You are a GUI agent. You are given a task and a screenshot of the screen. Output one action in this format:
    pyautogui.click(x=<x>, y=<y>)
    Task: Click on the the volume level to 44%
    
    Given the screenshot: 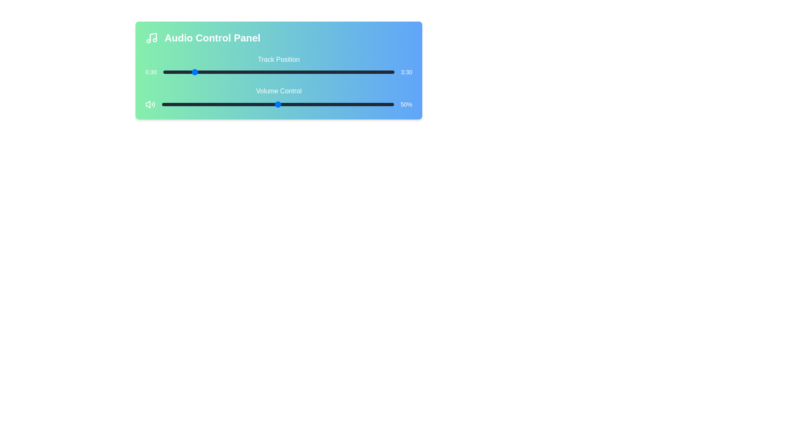 What is the action you would take?
    pyautogui.click(x=264, y=104)
    